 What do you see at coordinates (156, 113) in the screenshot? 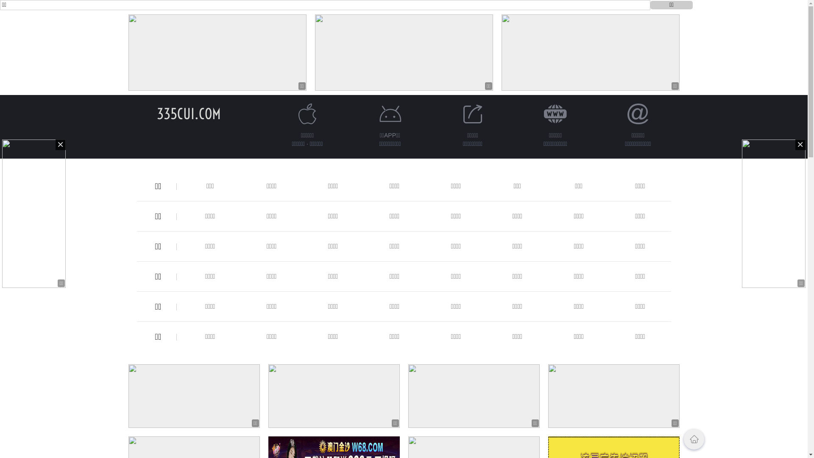
I see `'335CUI.COM'` at bounding box center [156, 113].